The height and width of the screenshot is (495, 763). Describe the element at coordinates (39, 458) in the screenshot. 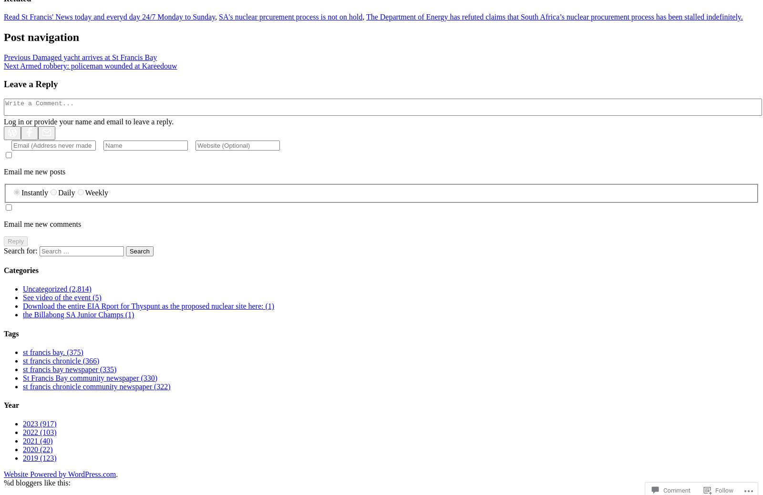

I see `'2019 (123)'` at that location.